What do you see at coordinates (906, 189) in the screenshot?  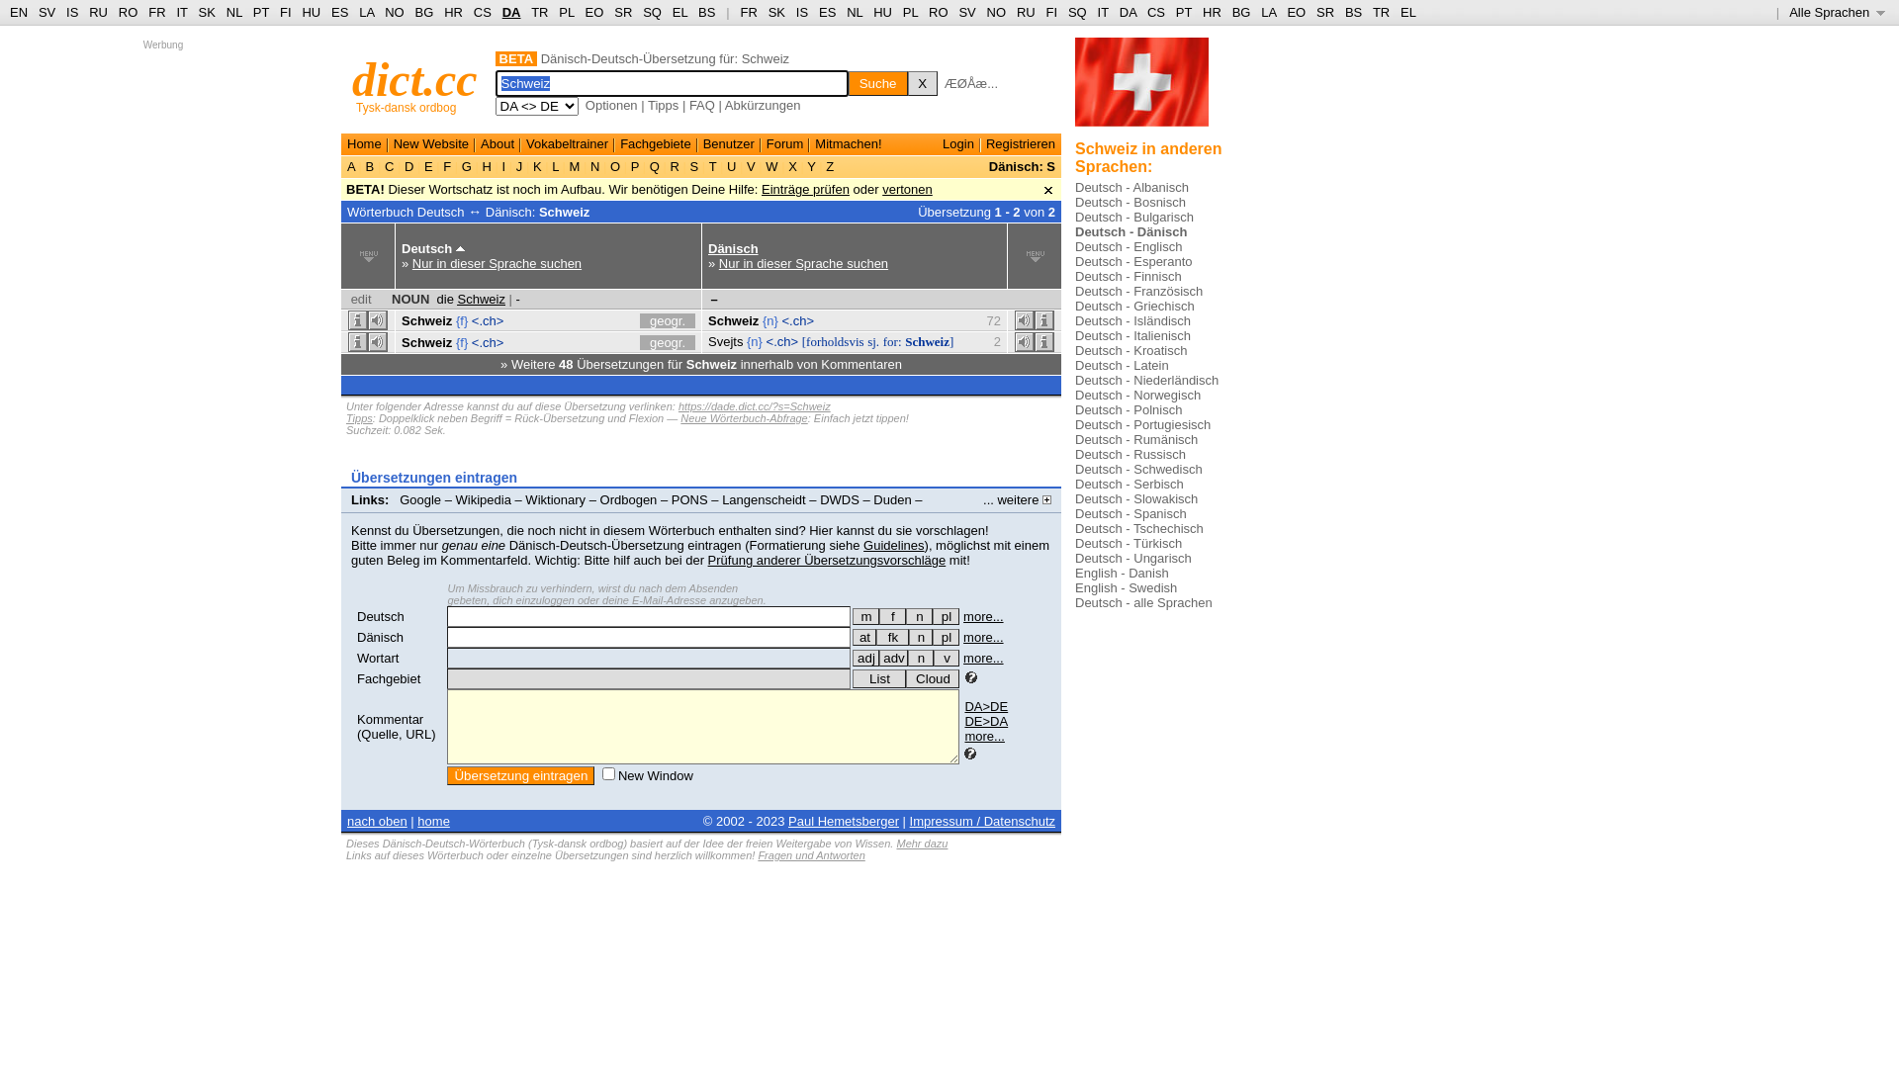 I see `'vertonen'` at bounding box center [906, 189].